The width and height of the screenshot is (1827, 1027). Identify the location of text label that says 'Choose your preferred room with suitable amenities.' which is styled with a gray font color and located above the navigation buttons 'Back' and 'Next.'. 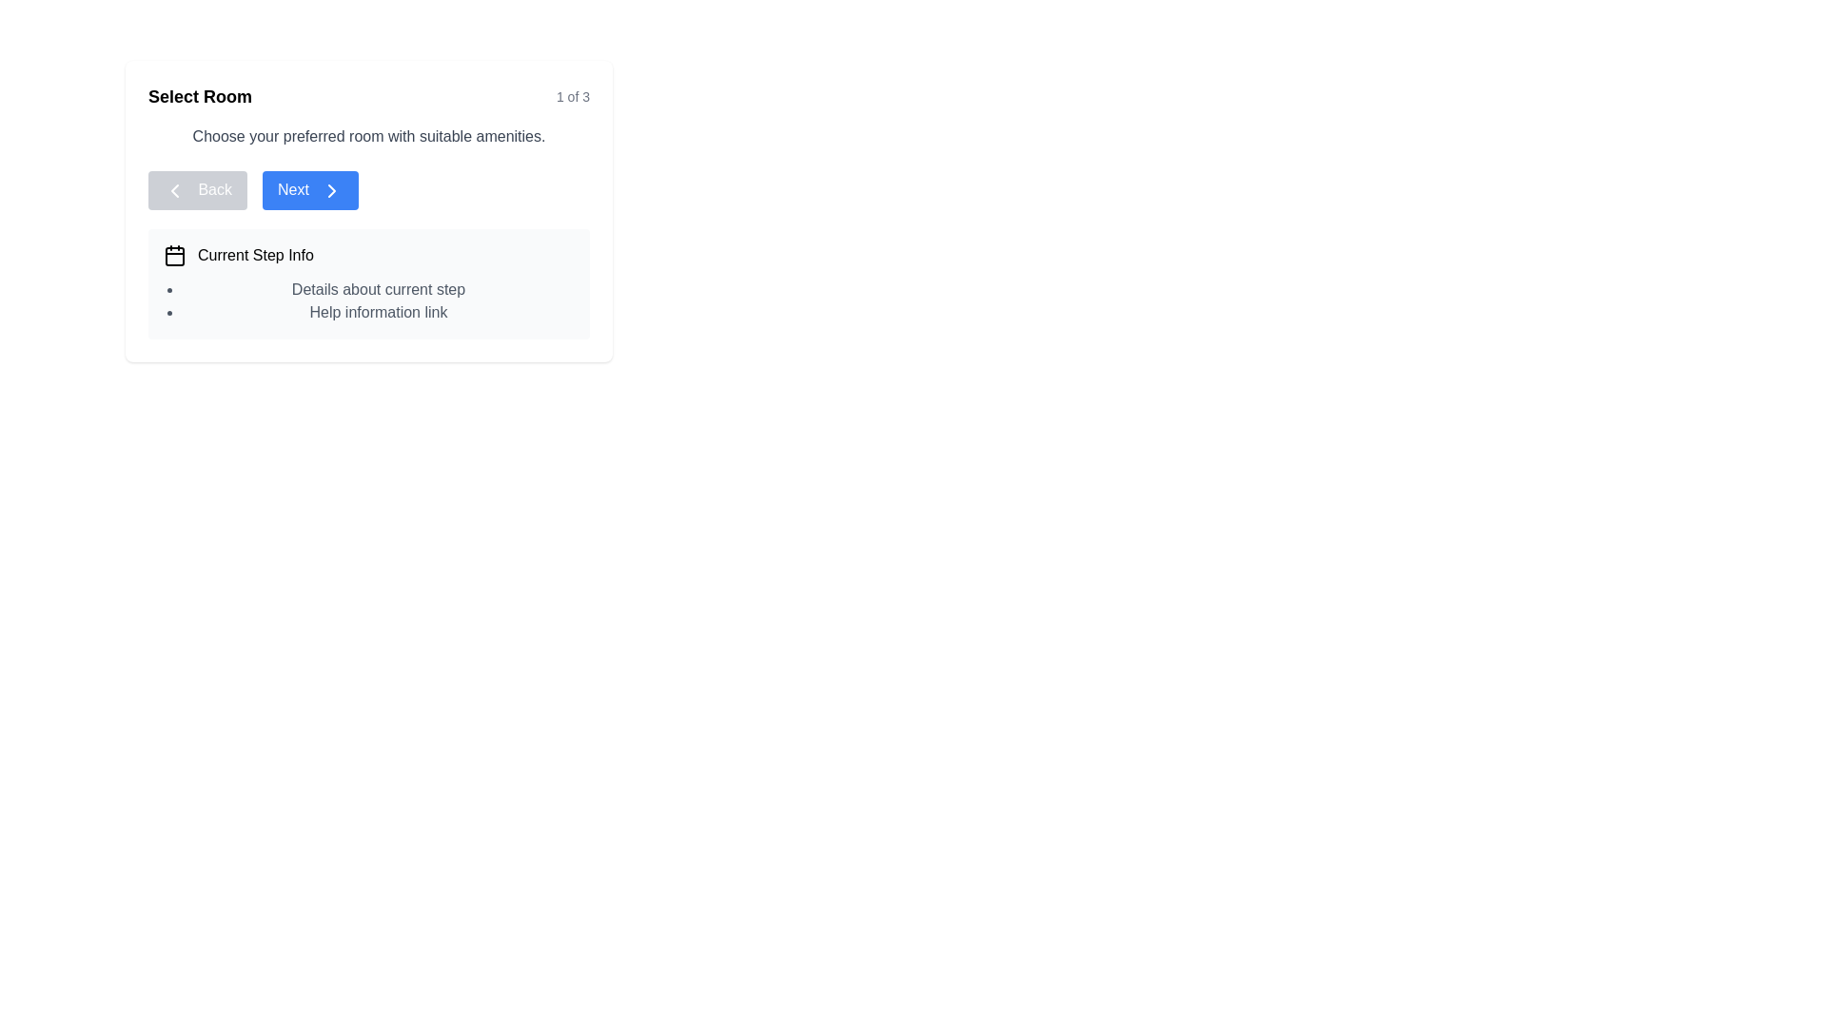
(369, 135).